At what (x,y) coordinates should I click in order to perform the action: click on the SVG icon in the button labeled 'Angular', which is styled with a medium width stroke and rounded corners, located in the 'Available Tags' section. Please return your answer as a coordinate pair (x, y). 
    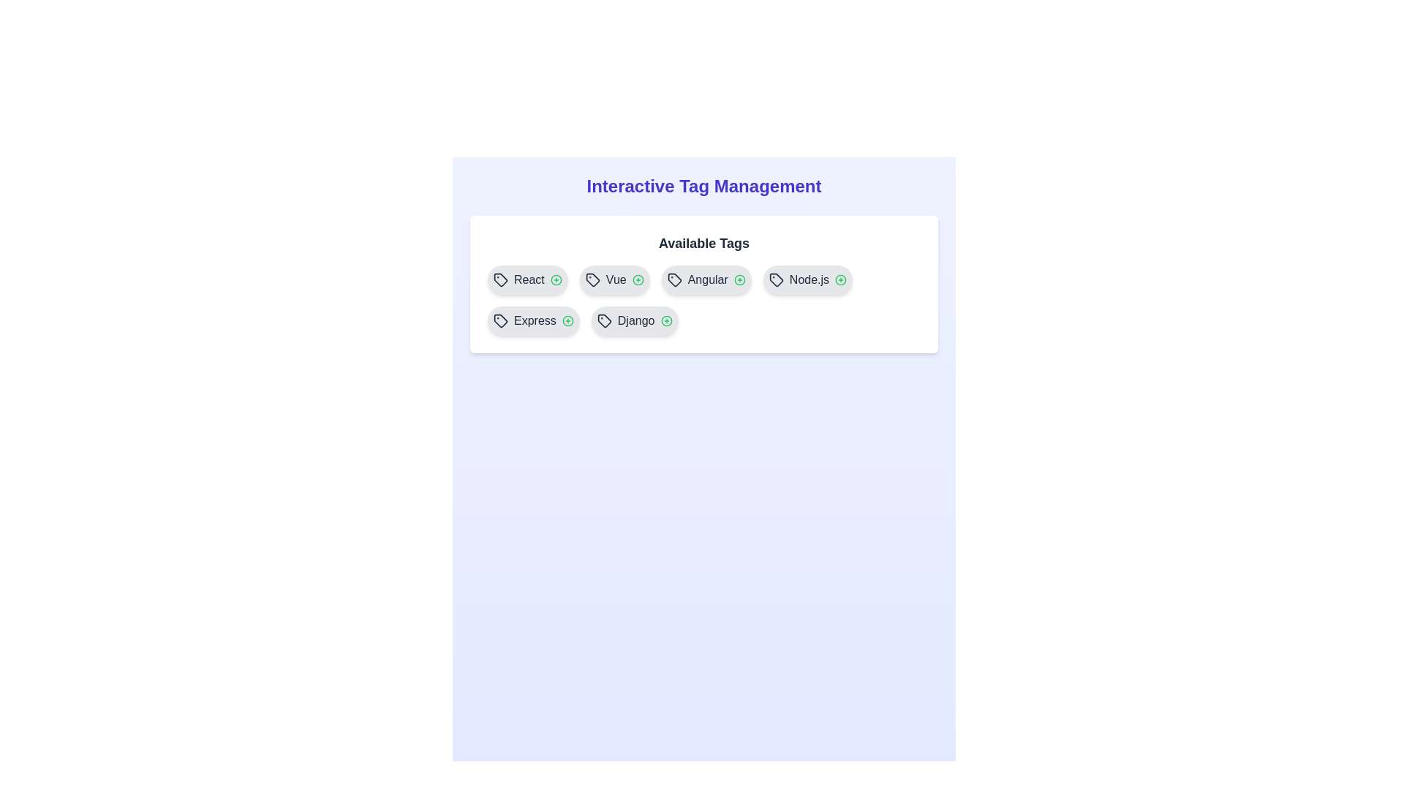
    Looking at the image, I should click on (673, 279).